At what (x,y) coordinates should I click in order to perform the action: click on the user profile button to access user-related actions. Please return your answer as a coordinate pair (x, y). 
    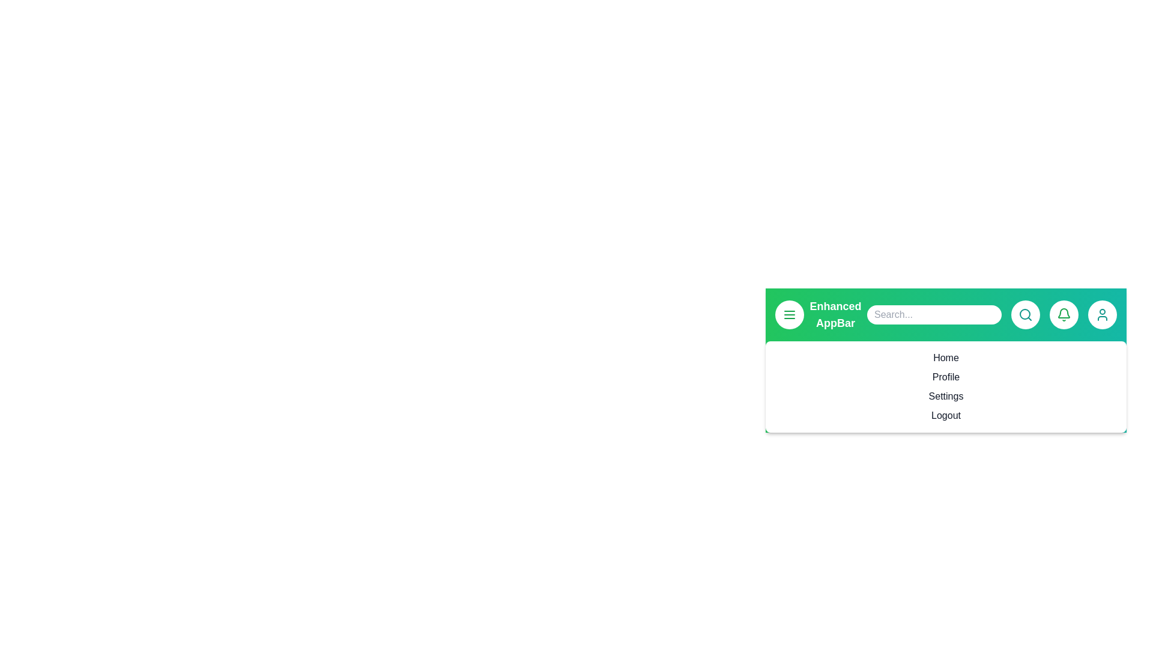
    Looking at the image, I should click on (1103, 314).